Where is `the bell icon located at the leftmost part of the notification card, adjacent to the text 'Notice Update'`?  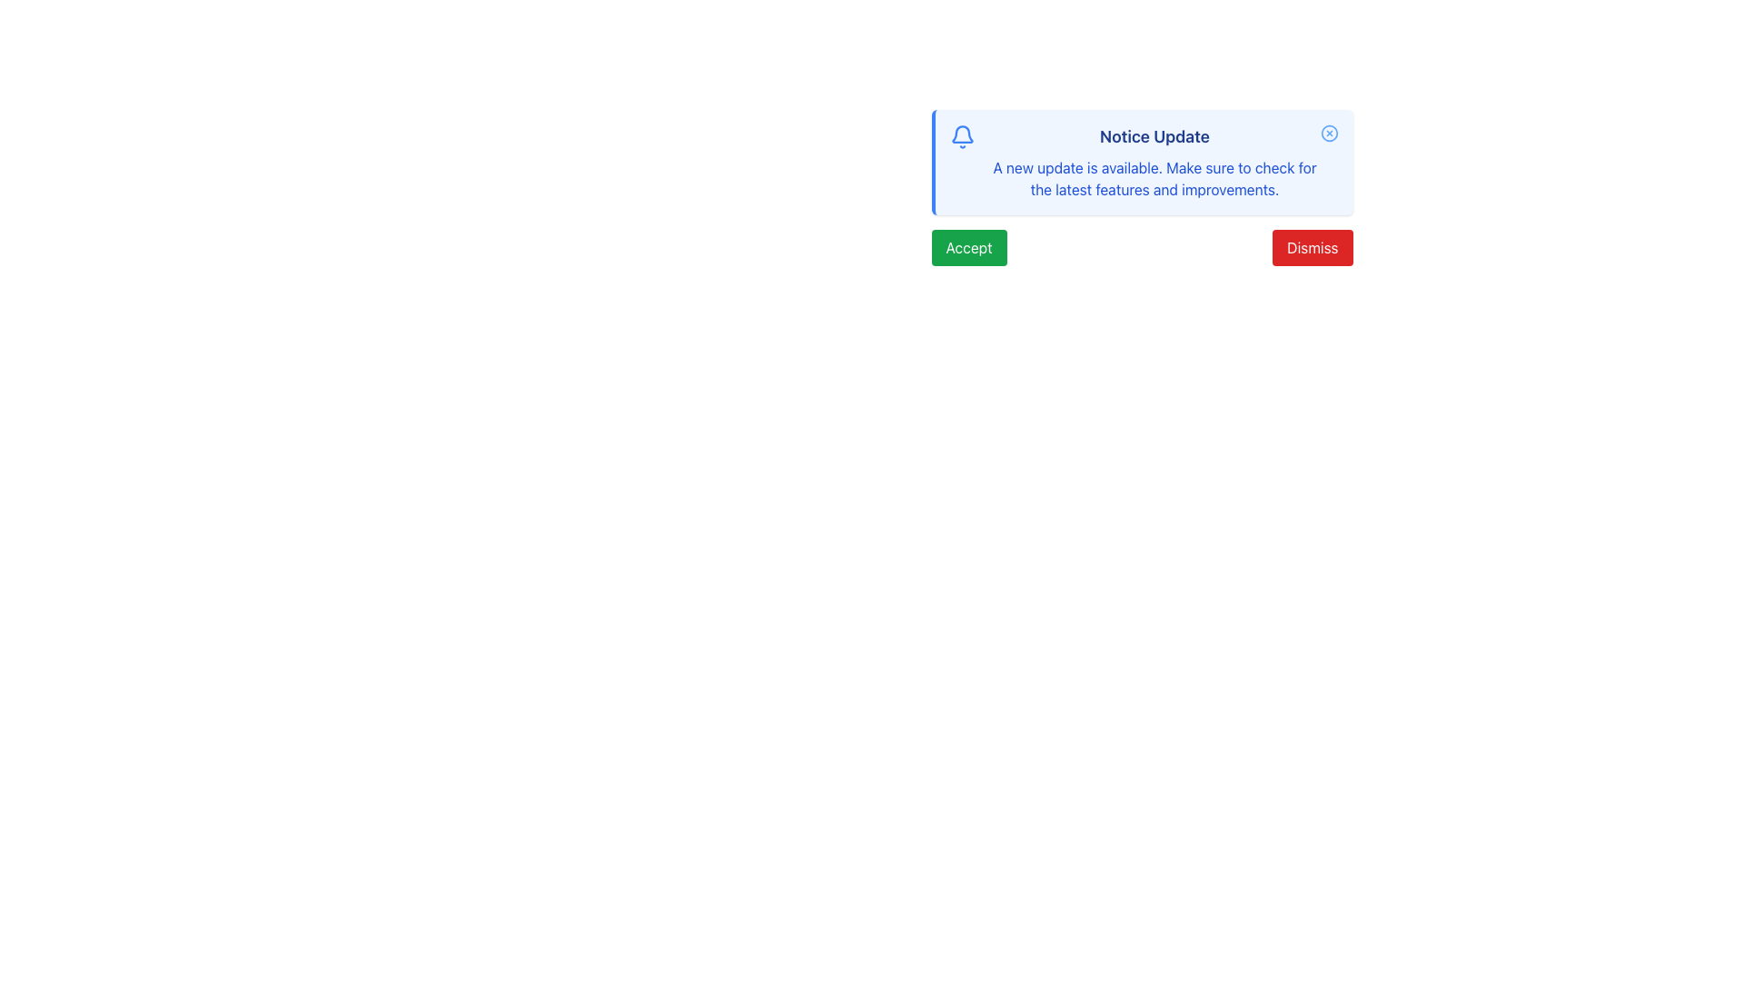 the bell icon located at the leftmost part of the notification card, adjacent to the text 'Notice Update' is located at coordinates (961, 135).